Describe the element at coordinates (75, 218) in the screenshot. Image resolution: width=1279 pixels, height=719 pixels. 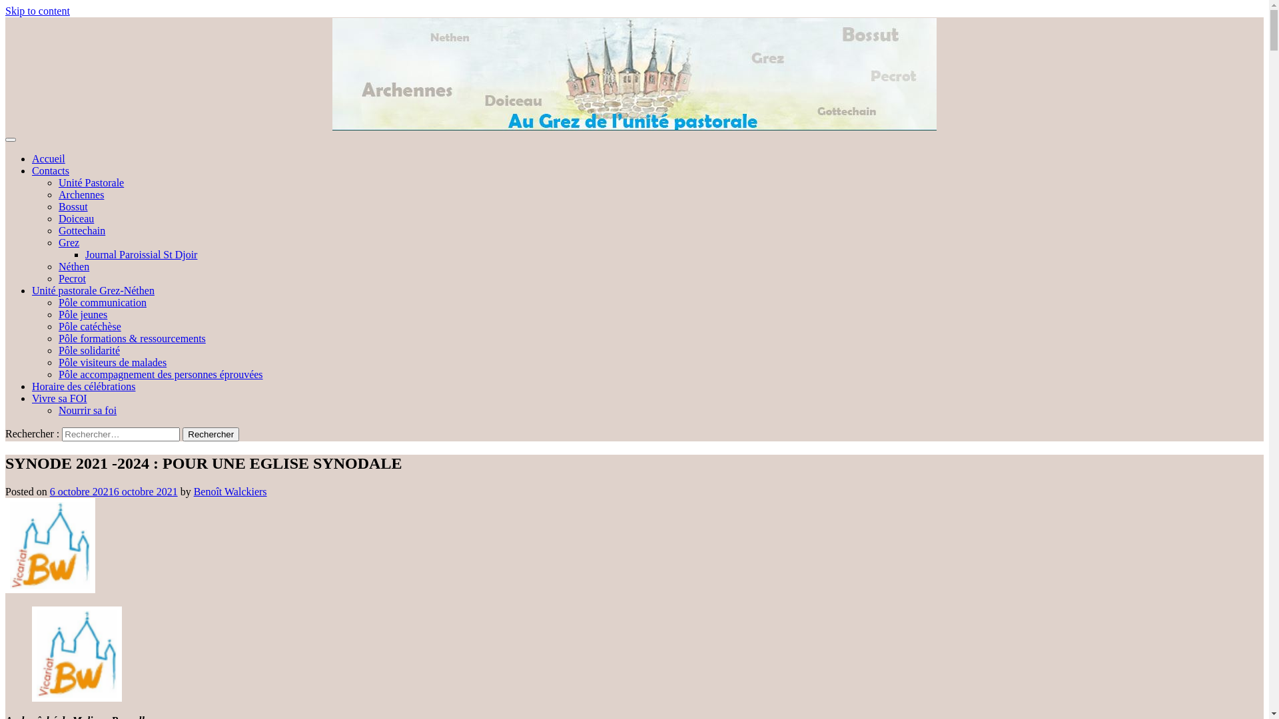
I see `'Doiceau'` at that location.